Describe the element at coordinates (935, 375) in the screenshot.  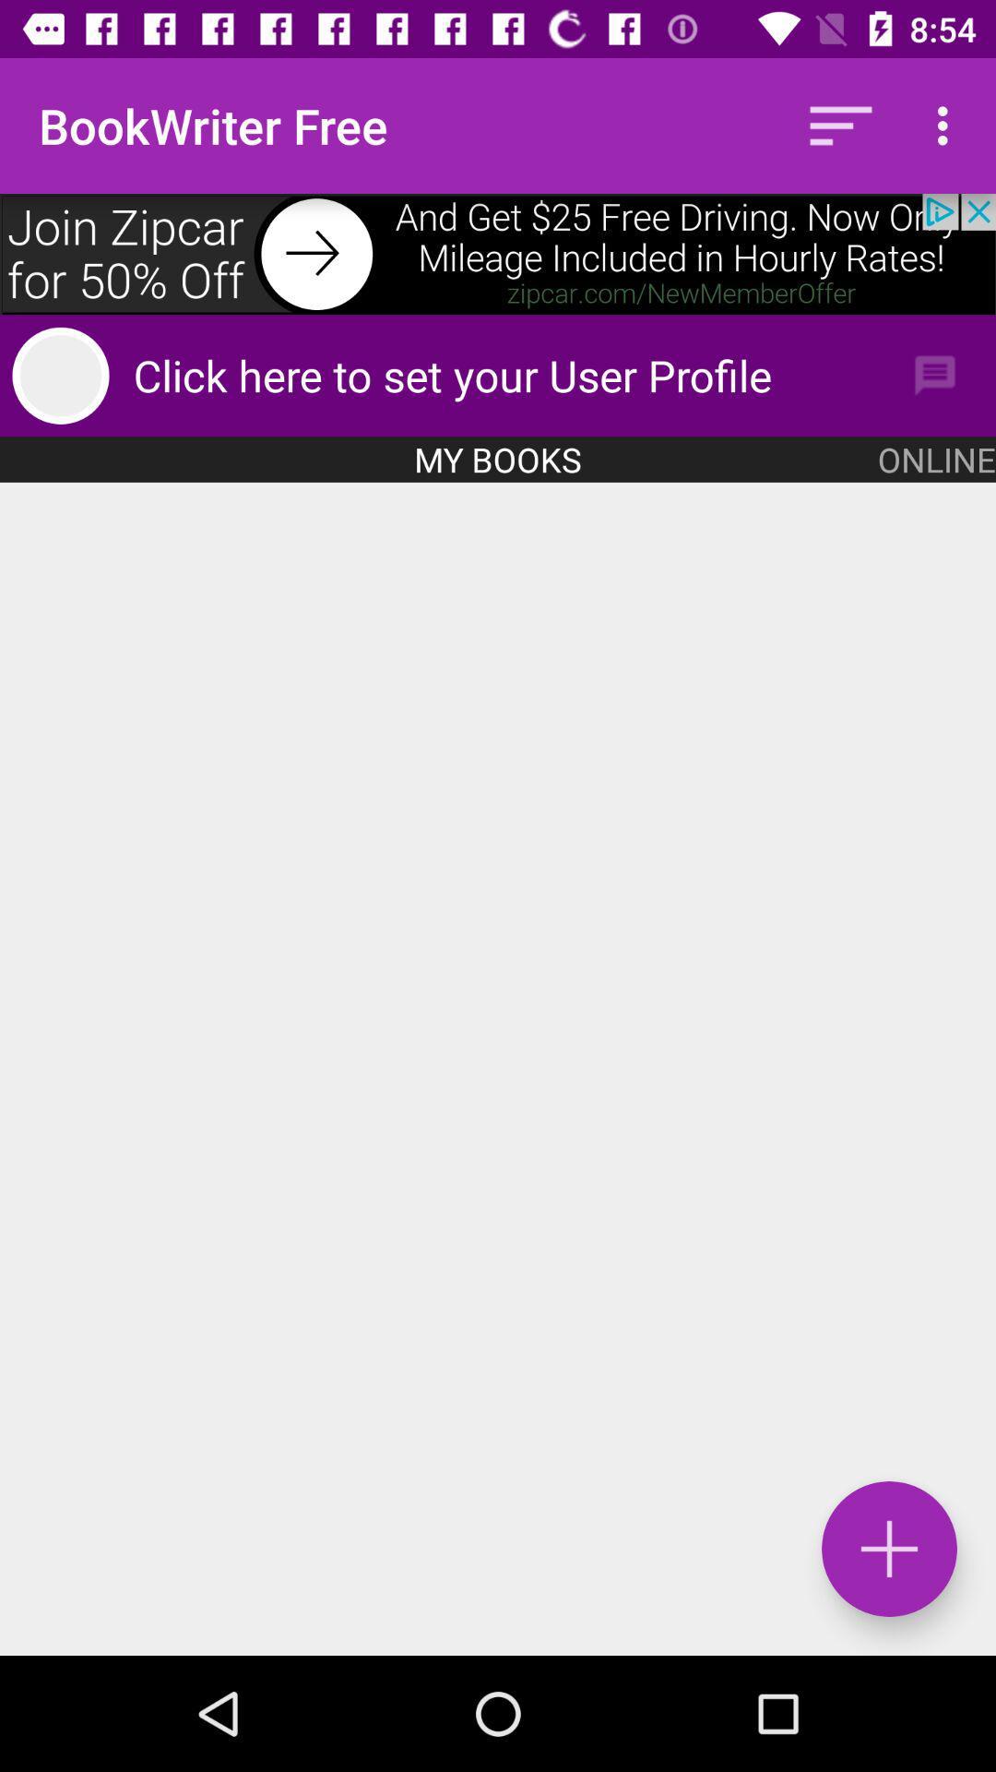
I see `the chat icon` at that location.